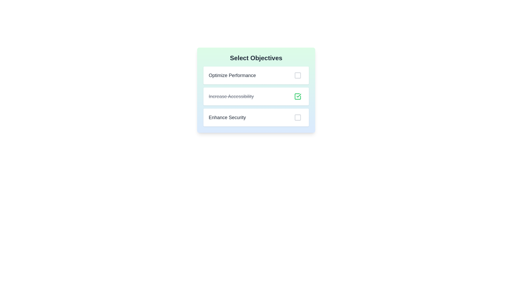 The image size is (506, 284). Describe the element at coordinates (298, 117) in the screenshot. I see `the inner square icon with rounded corners that is located on the right side of the 'Enhance Security' option` at that location.